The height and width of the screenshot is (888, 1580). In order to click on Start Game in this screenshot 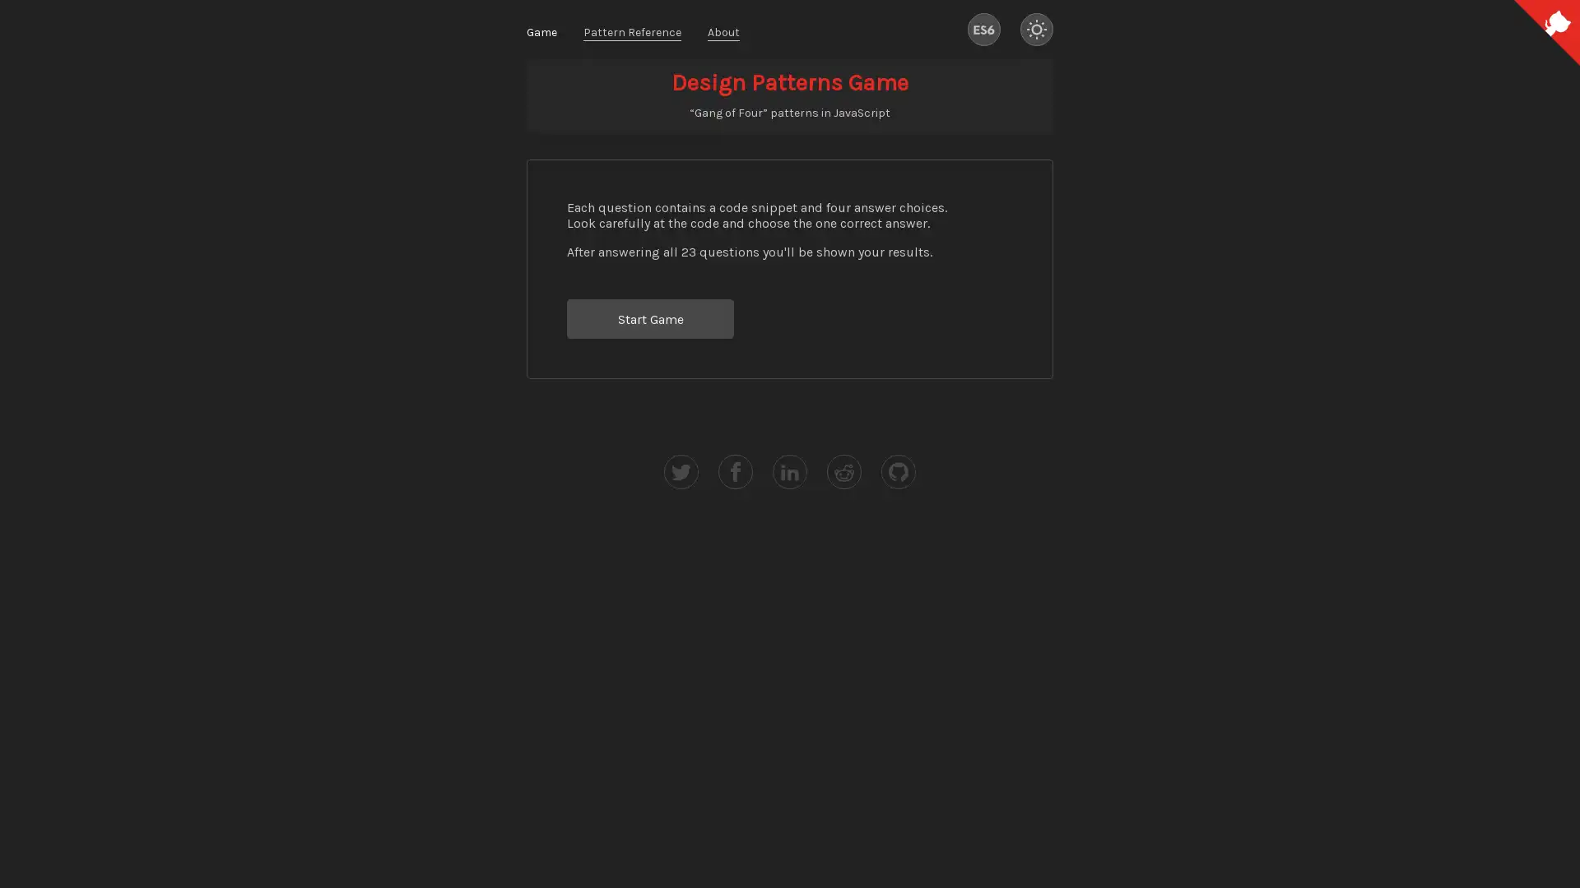, I will do `click(649, 319)`.